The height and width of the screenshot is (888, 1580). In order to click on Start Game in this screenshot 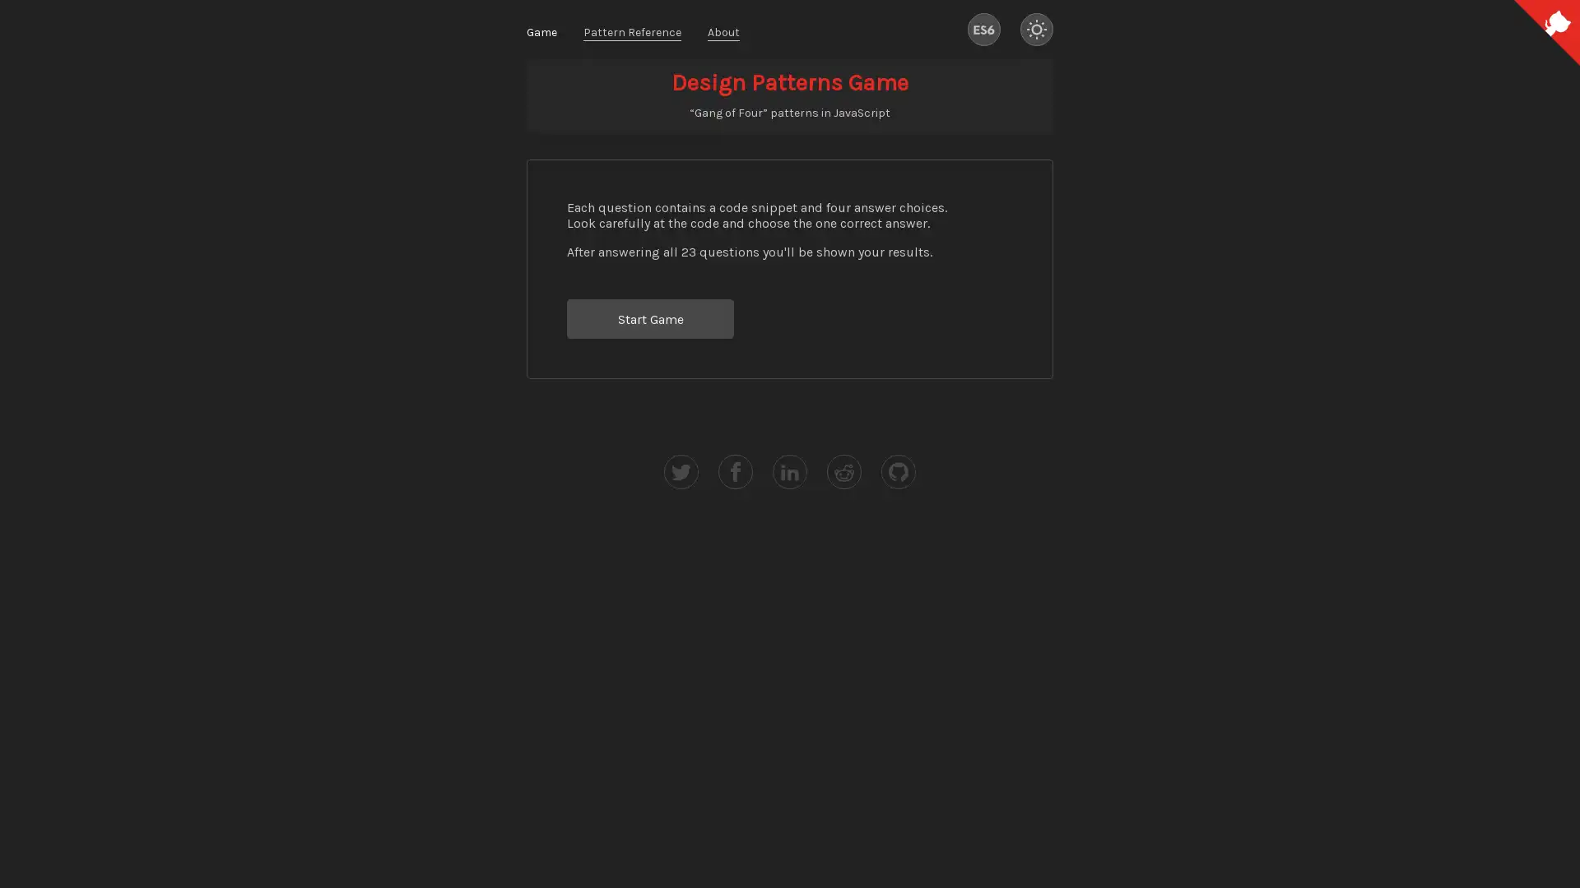, I will do `click(649, 319)`.